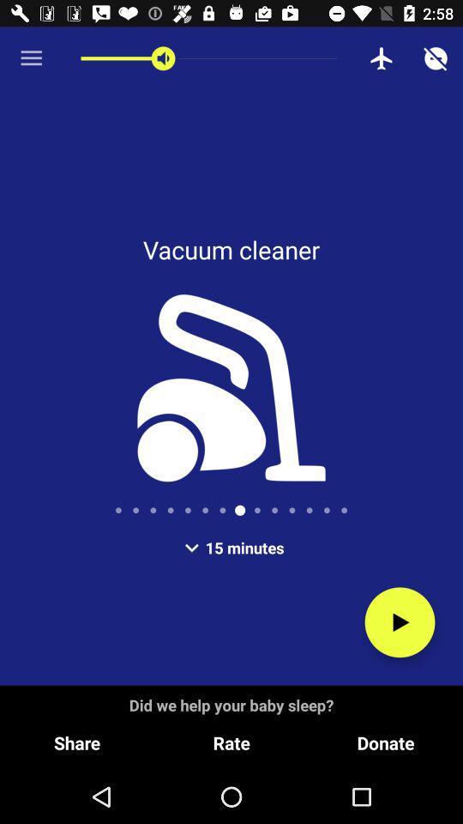  Describe the element at coordinates (400, 621) in the screenshot. I see `the vacuum cleaner` at that location.